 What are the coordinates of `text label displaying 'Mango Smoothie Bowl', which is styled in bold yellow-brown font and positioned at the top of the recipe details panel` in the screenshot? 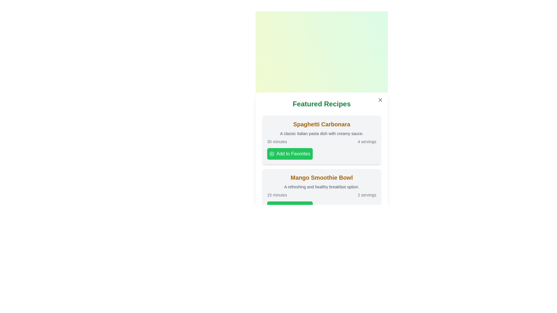 It's located at (321, 177).